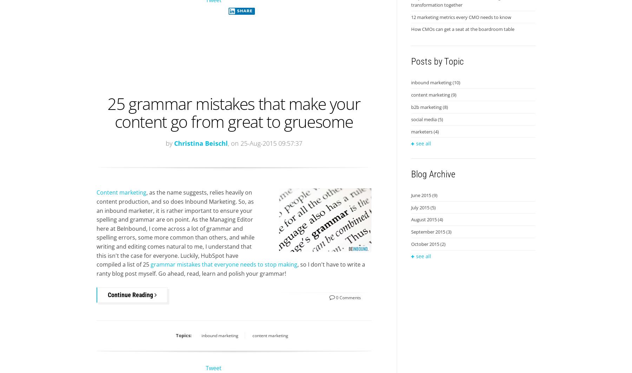 This screenshot has height=373, width=632. I want to click on ', so I don't have to write a ranty blog post myself. Go ahead, read, learn and polish your grammar!', so click(231, 269).